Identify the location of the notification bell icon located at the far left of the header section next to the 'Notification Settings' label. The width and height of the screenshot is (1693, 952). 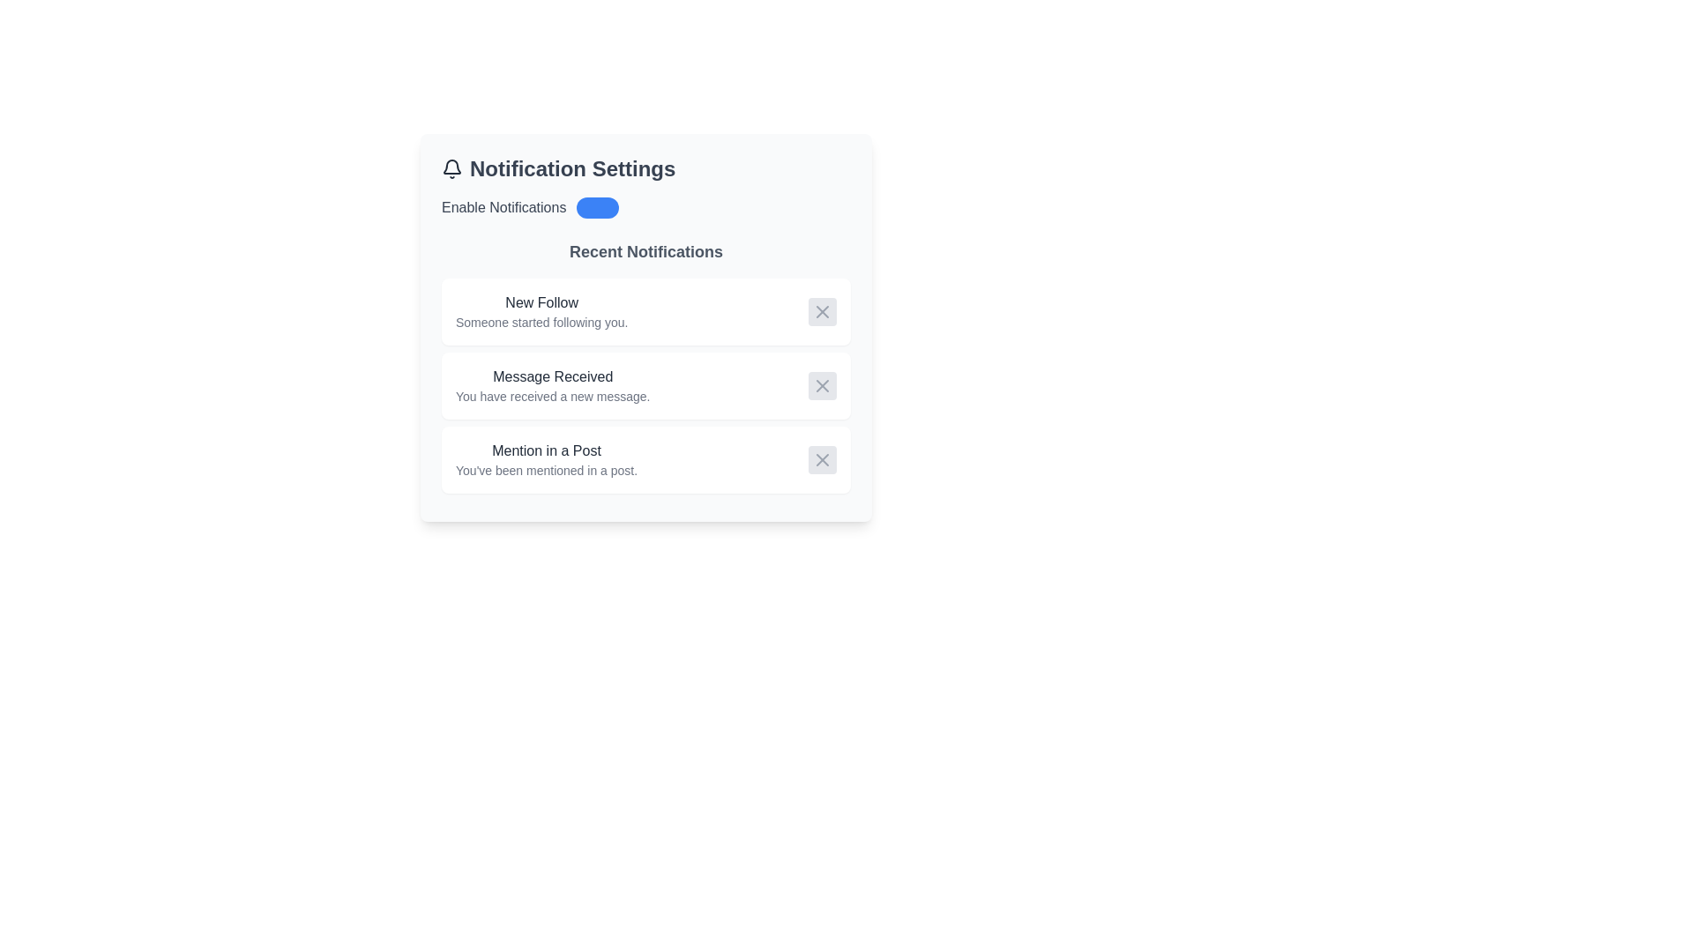
(452, 169).